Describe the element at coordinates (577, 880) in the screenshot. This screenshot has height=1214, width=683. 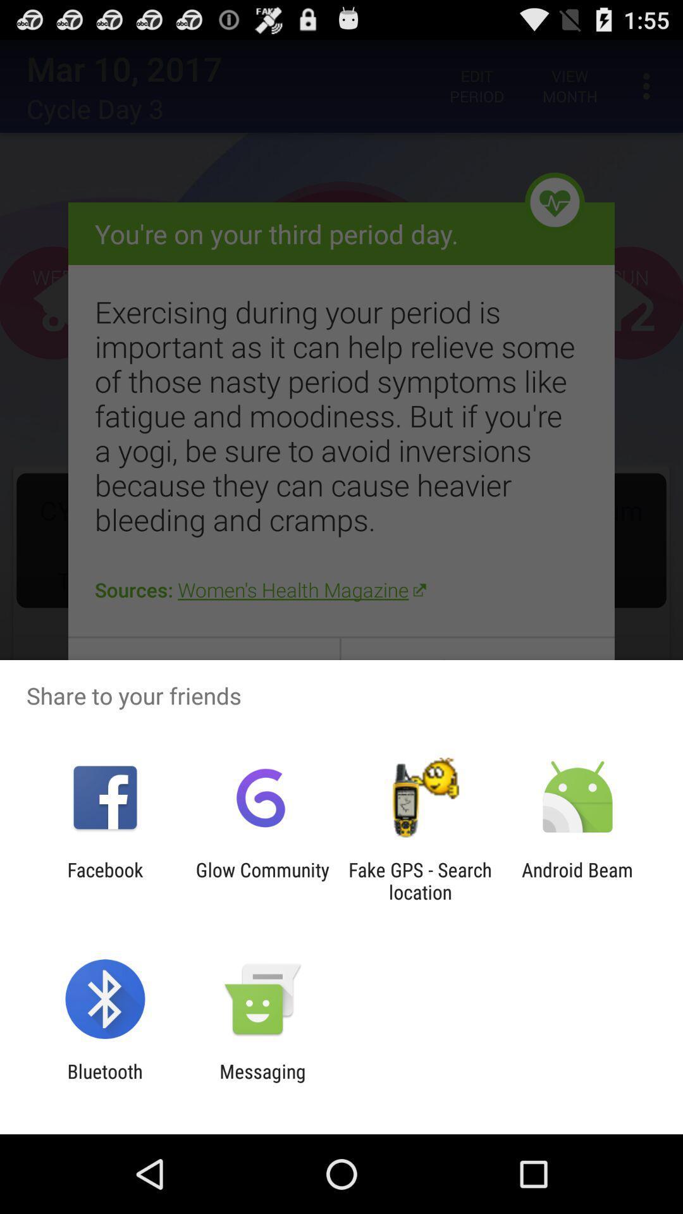
I see `android beam app` at that location.